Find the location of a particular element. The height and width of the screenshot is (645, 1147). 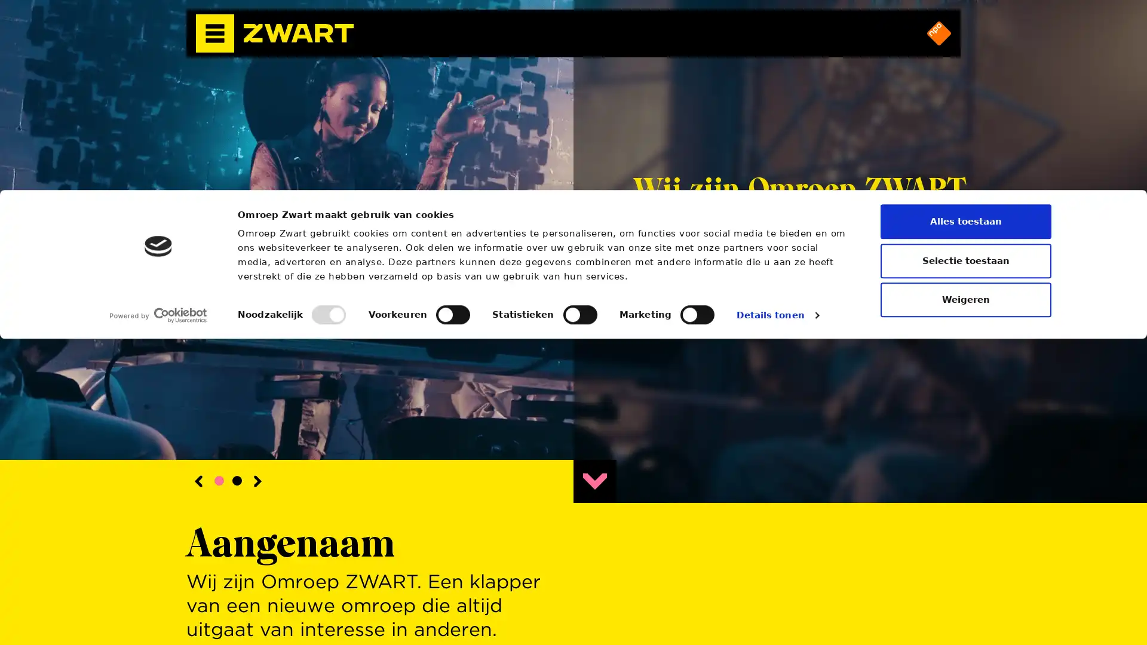

Selectie toestaan is located at coordinates (966, 566).